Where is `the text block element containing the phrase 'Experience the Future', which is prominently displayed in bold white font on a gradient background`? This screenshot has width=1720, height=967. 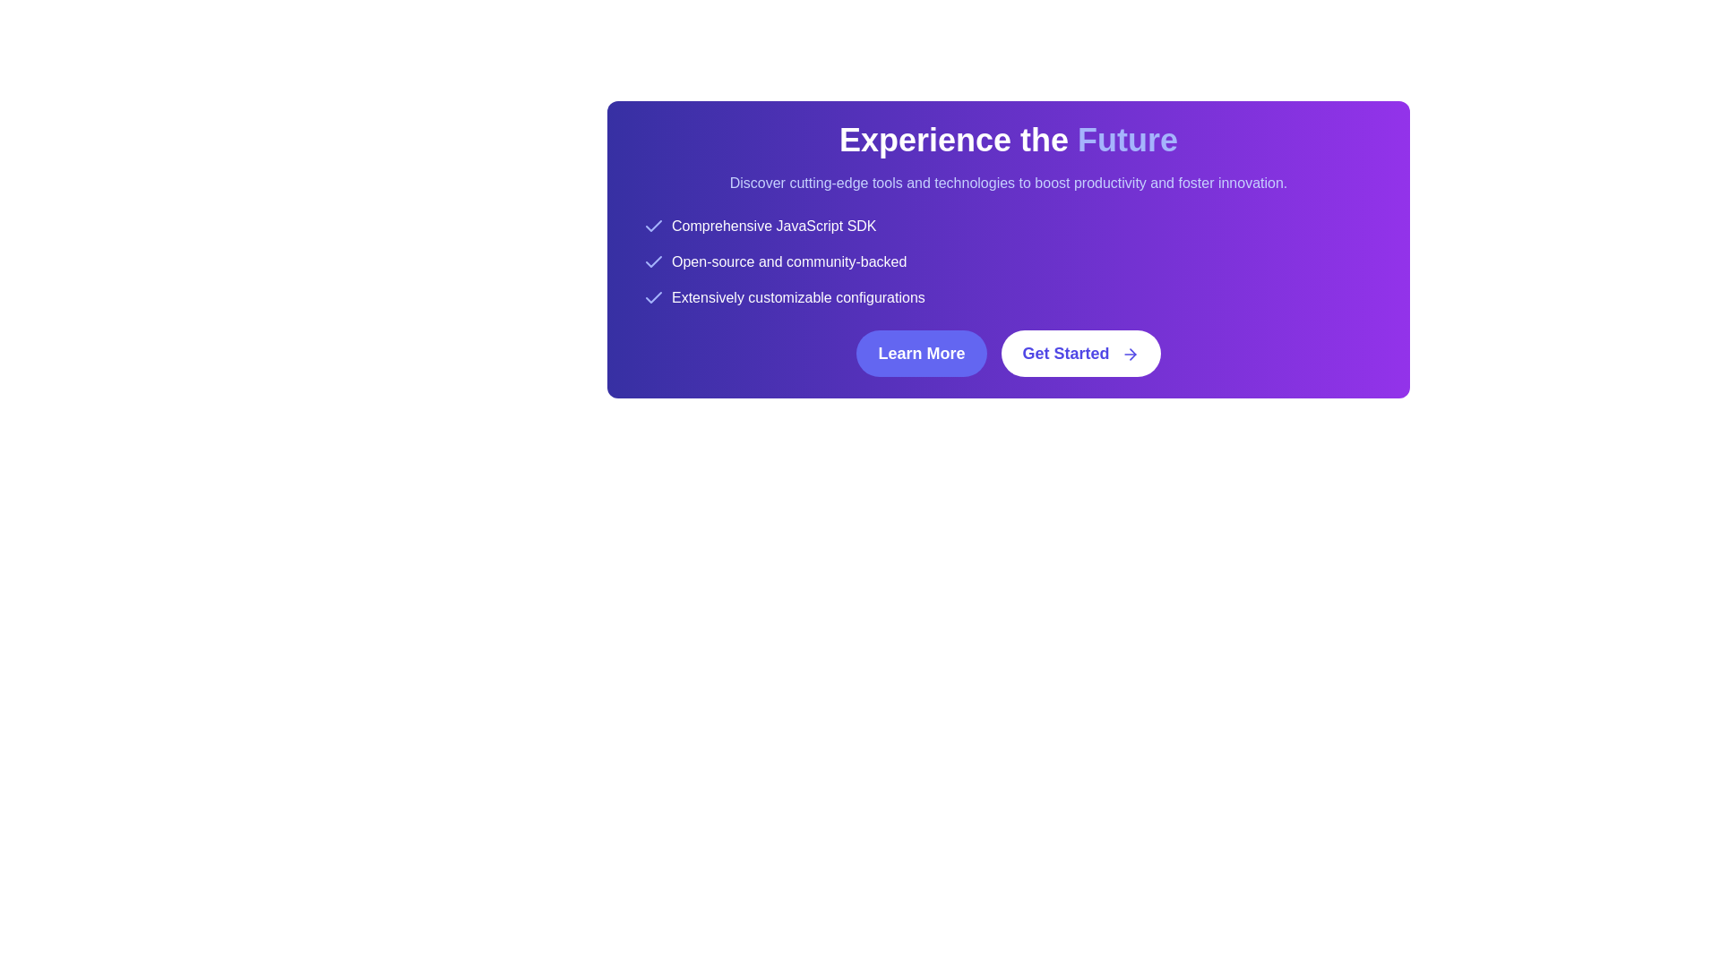 the text block element containing the phrase 'Experience the Future', which is prominently displayed in bold white font on a gradient background is located at coordinates (1009, 158).